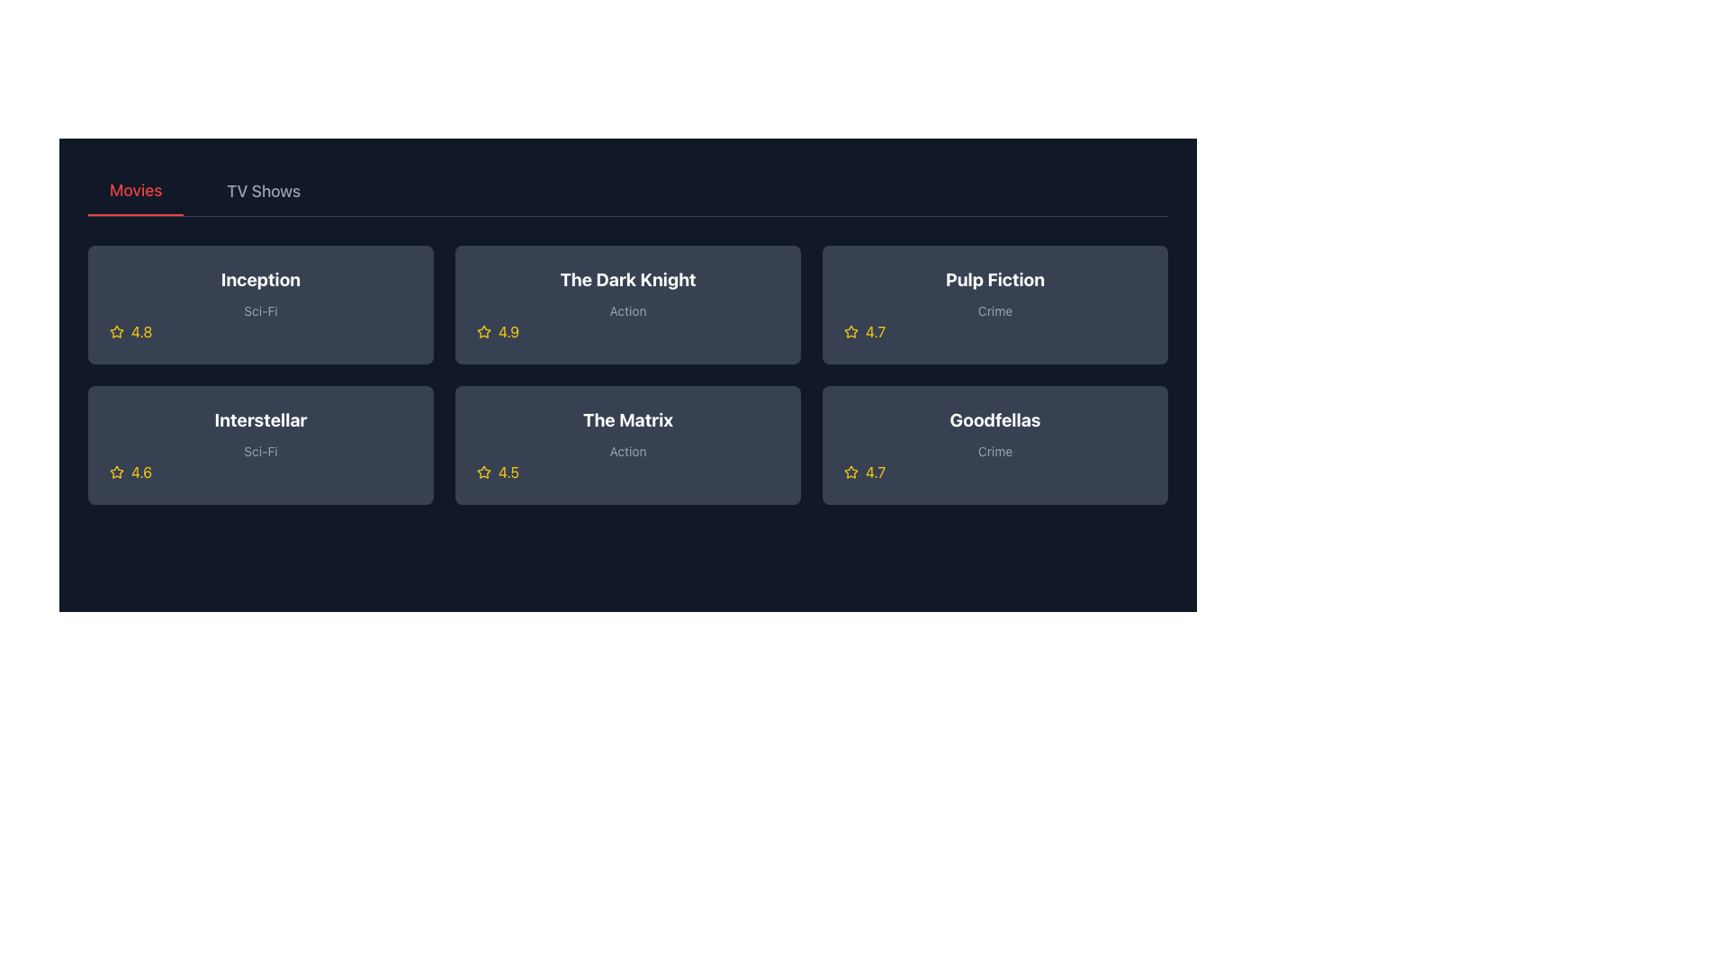  What do you see at coordinates (259, 471) in the screenshot?
I see `the non-interactive star rating display for the movie 'Interstellar' located at the bottom-left corner of its dark background card under the subtitle 'Sci-Fi.'` at bounding box center [259, 471].